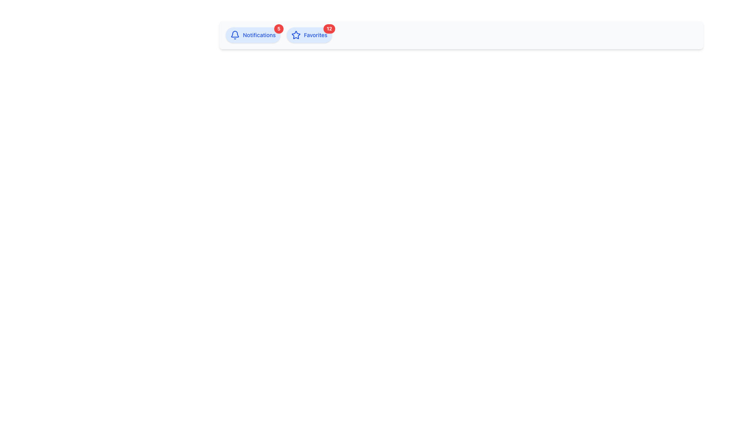  I want to click on the star icon that signifies 'Favorites', located towards the center-left of the 'Favorites12' button, so click(296, 34).